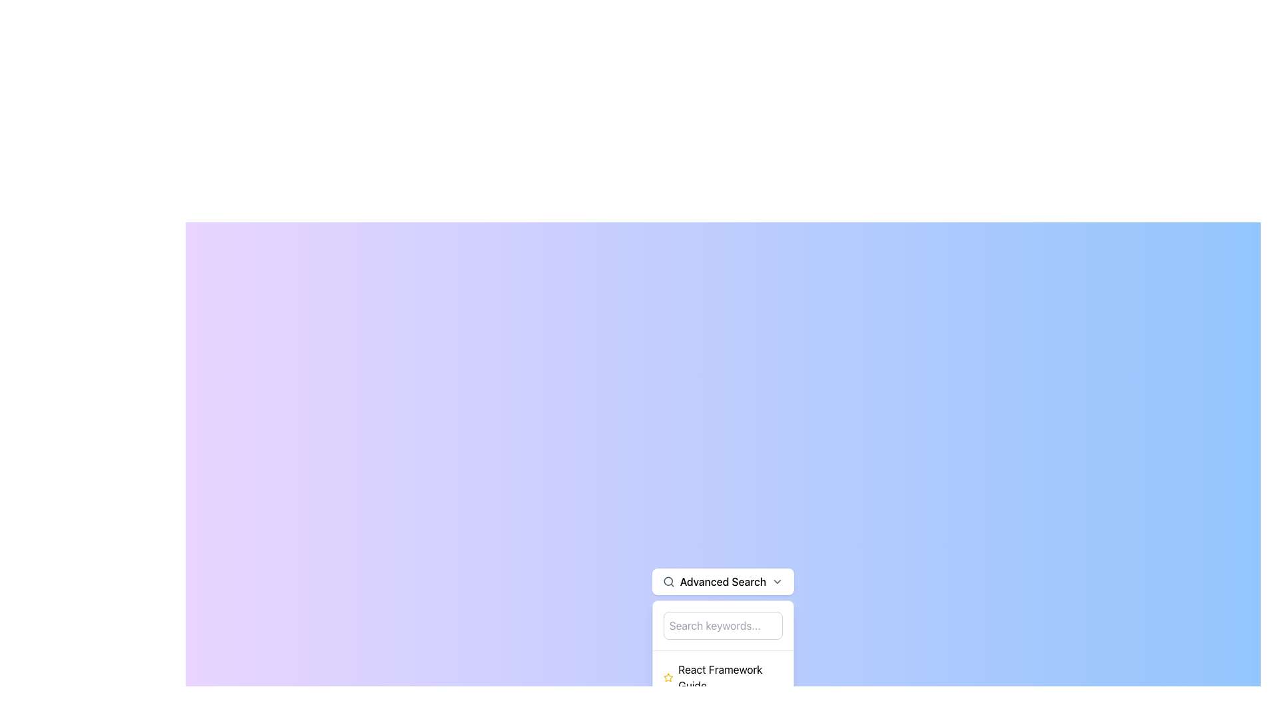 This screenshot has width=1278, height=719. What do you see at coordinates (722, 678) in the screenshot?
I see `the text label 'React Framework Guide' which is accompanied by a yellow star icon` at bounding box center [722, 678].